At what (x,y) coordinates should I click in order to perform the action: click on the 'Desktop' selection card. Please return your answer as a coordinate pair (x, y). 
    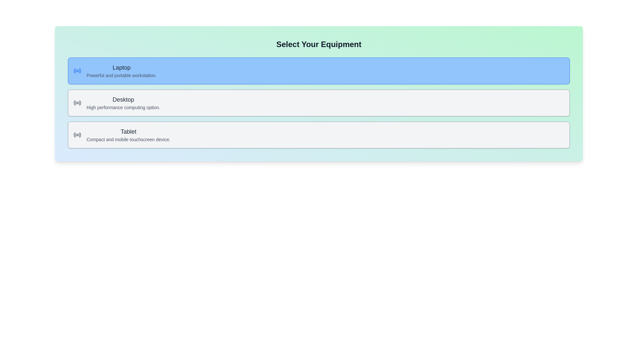
    Looking at the image, I should click on (319, 103).